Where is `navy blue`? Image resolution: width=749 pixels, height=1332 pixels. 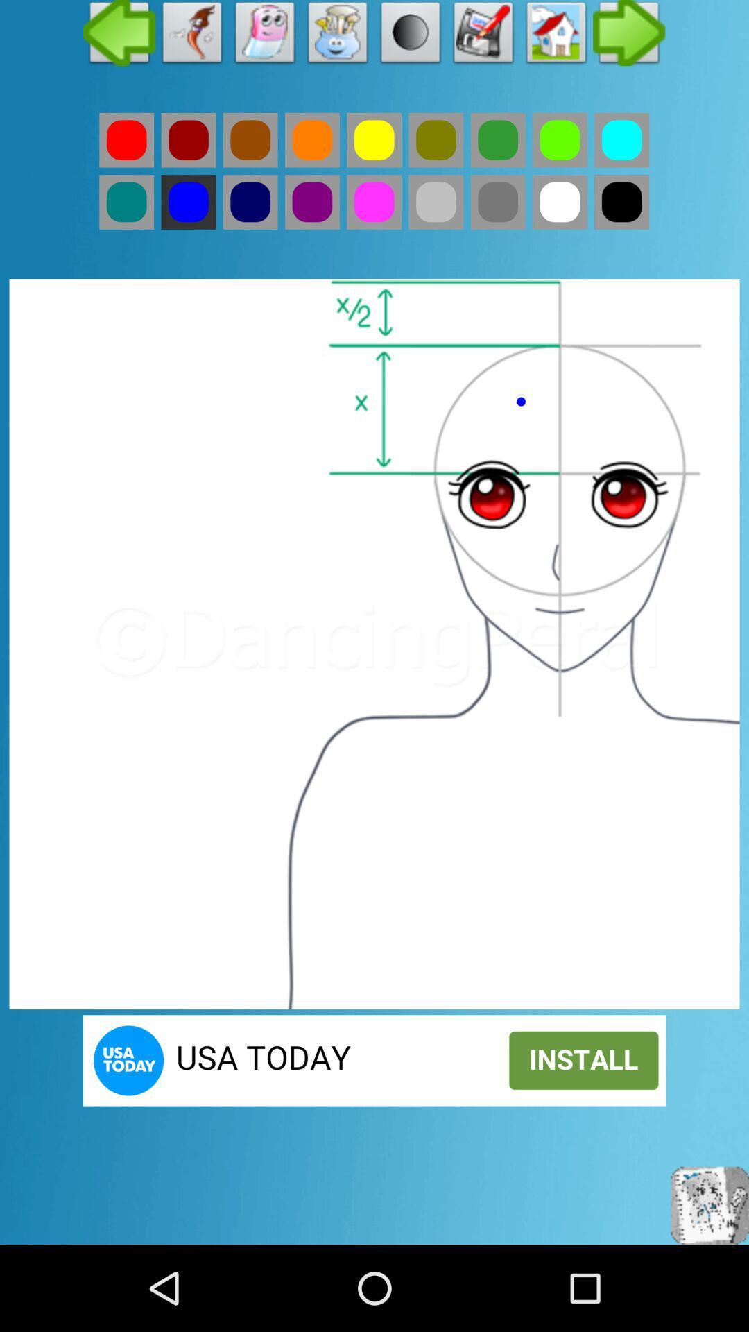
navy blue is located at coordinates (250, 201).